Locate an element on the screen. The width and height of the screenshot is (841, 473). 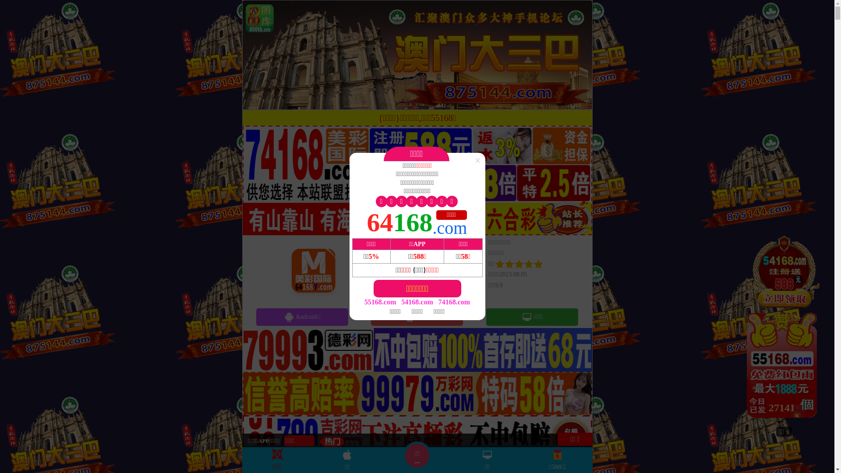
'27292' is located at coordinates (784, 329).